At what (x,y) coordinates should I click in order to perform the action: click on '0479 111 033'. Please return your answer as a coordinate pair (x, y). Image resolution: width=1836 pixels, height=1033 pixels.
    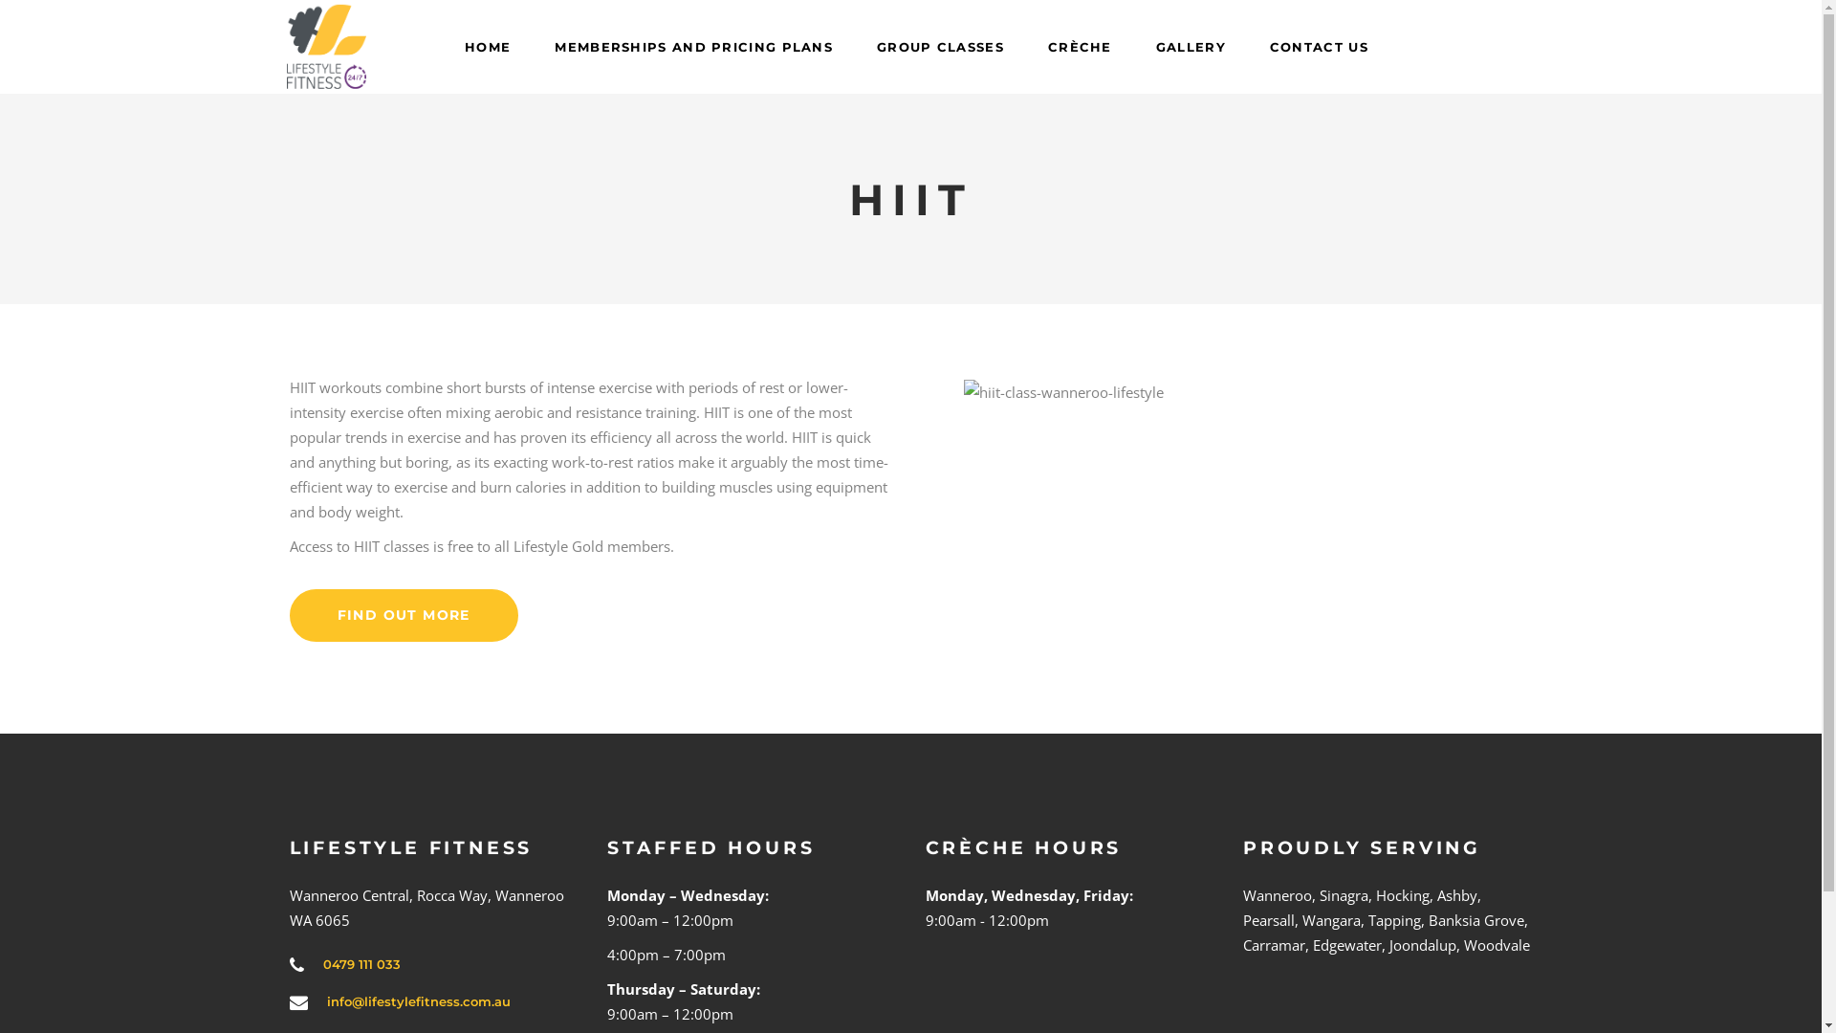
    Looking at the image, I should click on (361, 963).